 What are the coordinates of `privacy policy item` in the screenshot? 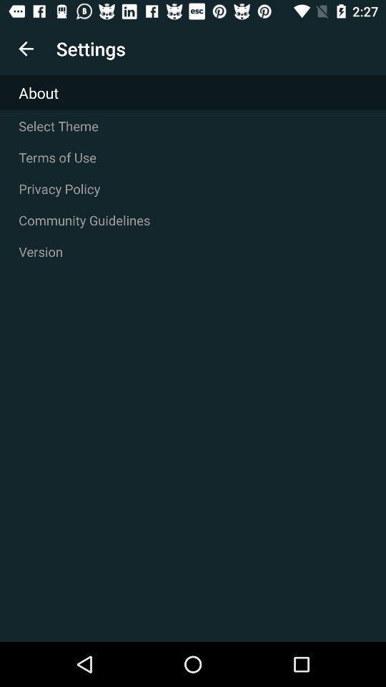 It's located at (193, 188).